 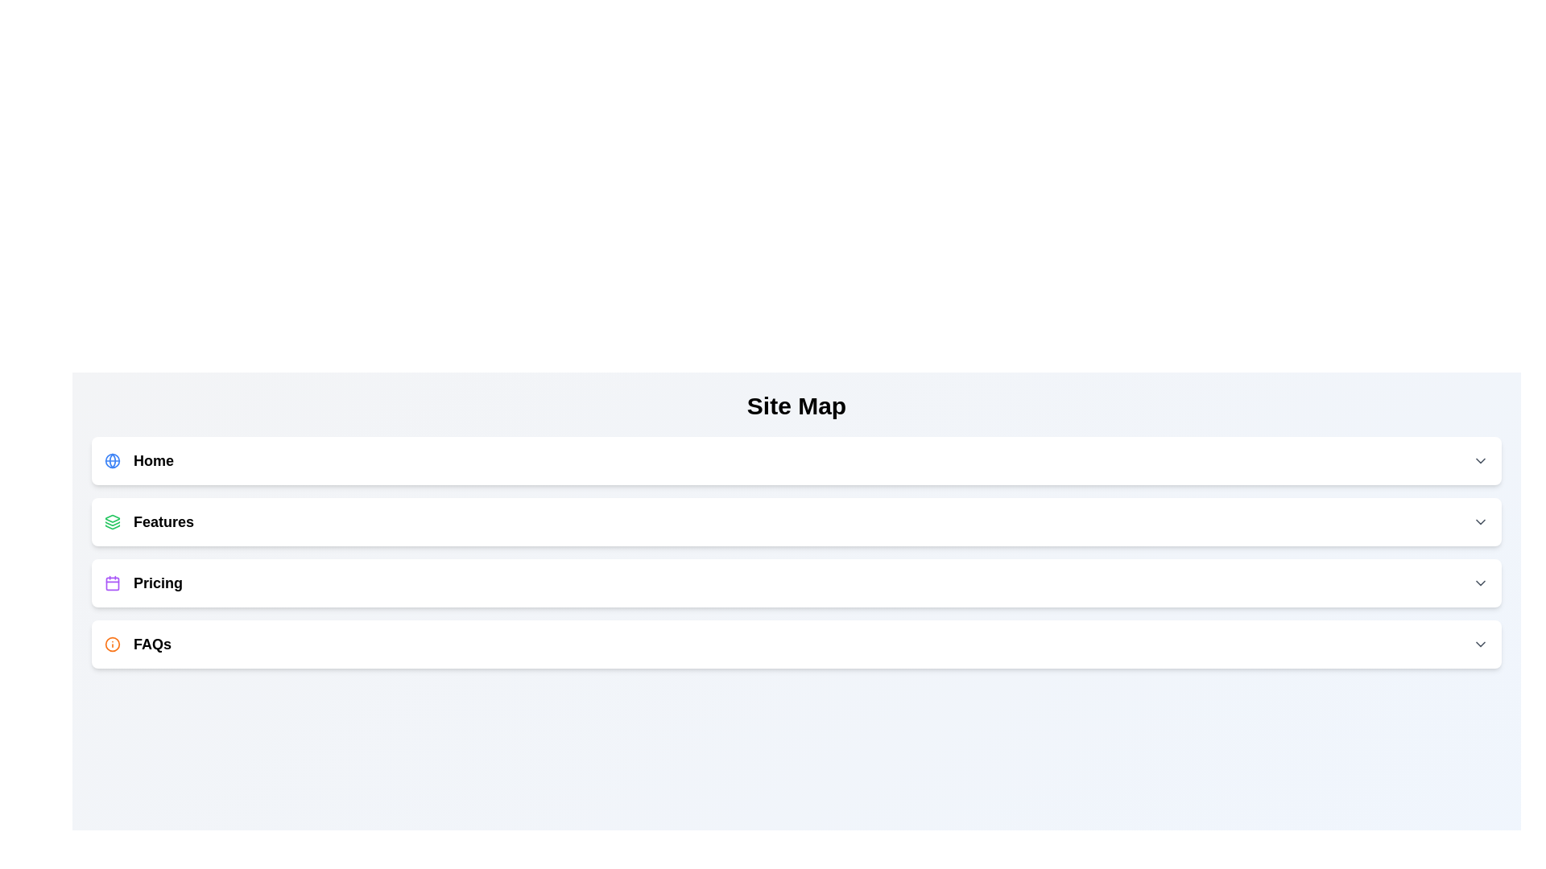 I want to click on the green layered rectangles icon located to the left of the 'Features' text in the second row of the list, so click(x=111, y=521).